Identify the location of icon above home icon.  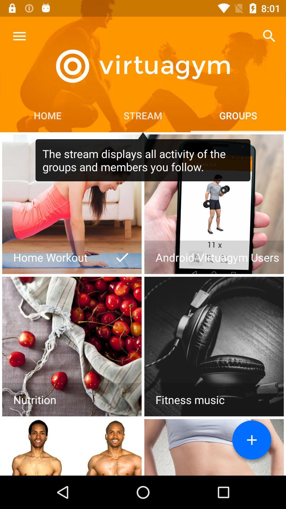
(19, 36).